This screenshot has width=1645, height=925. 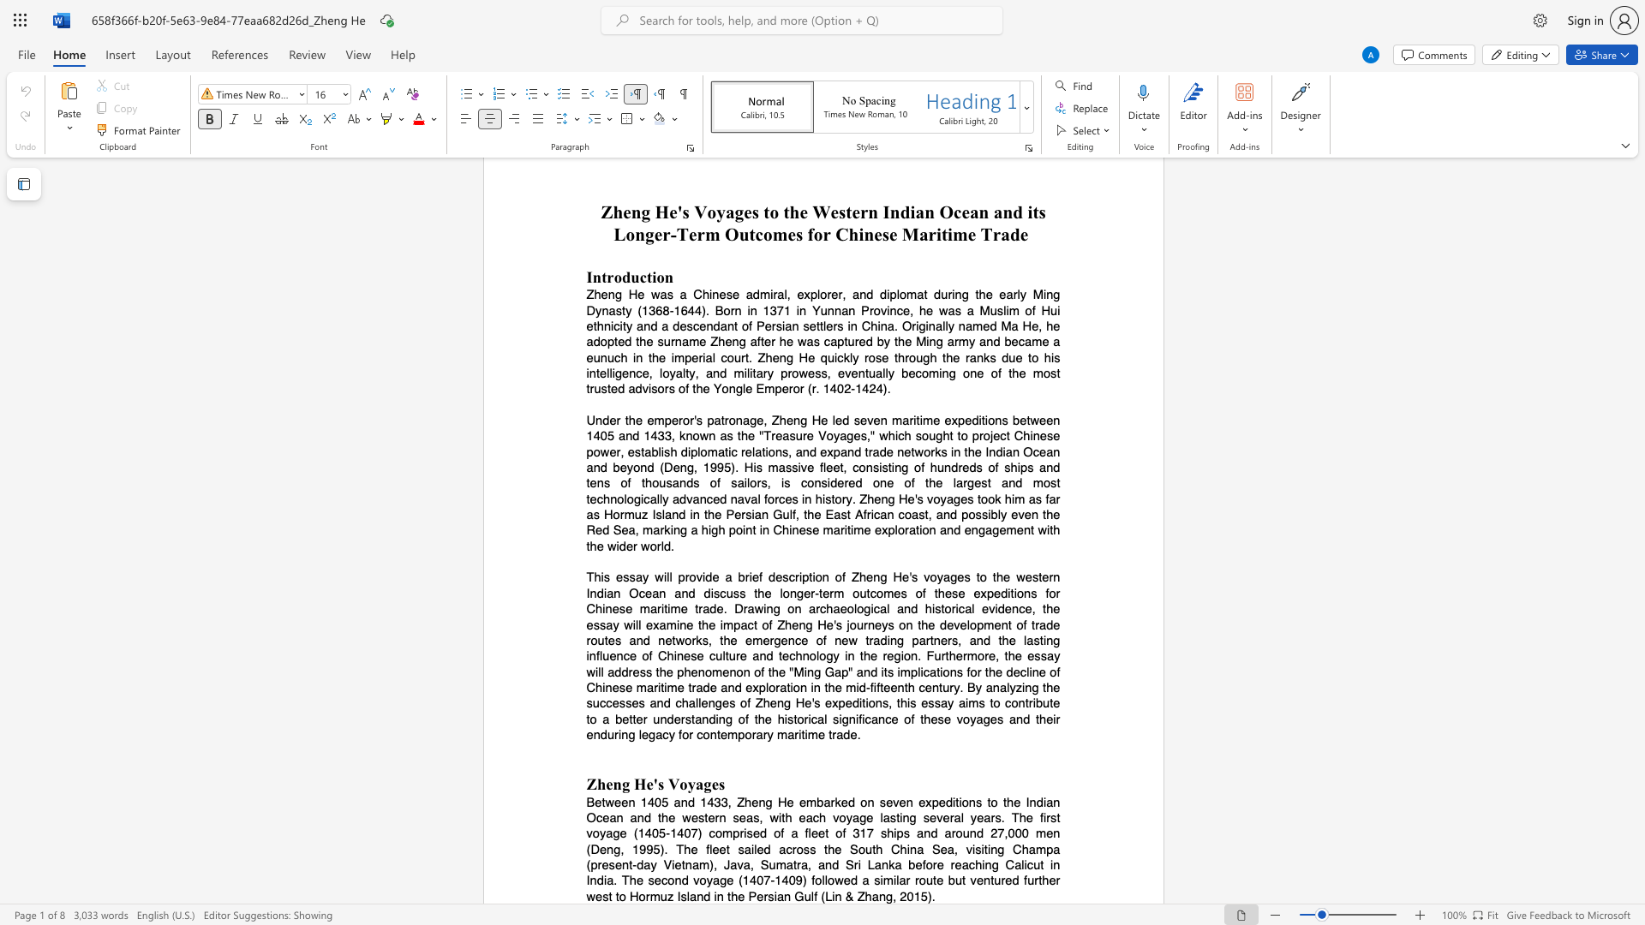 I want to click on the subset text "ormuz Island in the Persian G" within the text "in India. The second voyage (1407-1409) followed a similar route but ventured further west to Hormuz Island in the Persian Gulf (Lin & Zhang, 2015).", so click(x=637, y=895).